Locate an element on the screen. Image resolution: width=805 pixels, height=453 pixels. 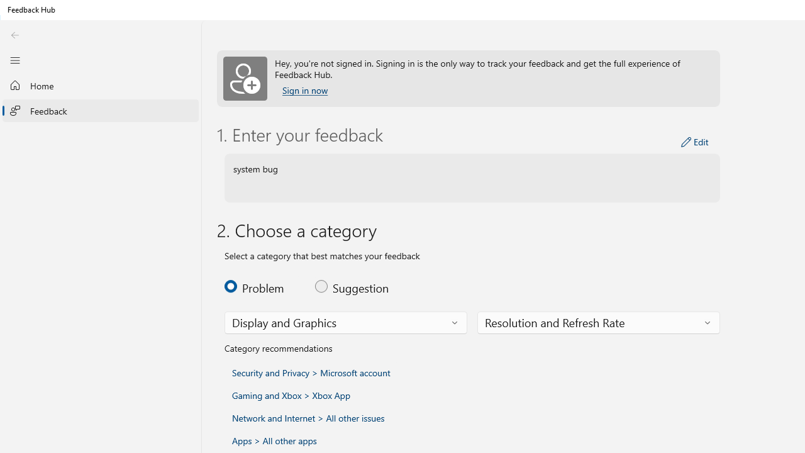
'Sign in now' is located at coordinates (305, 90).